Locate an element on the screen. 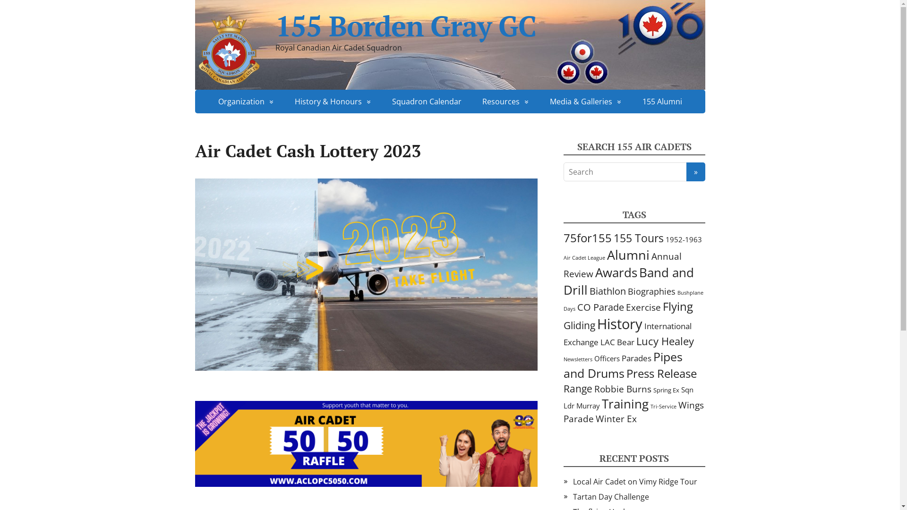 The image size is (907, 510). 'Spring Ex' is located at coordinates (665, 390).